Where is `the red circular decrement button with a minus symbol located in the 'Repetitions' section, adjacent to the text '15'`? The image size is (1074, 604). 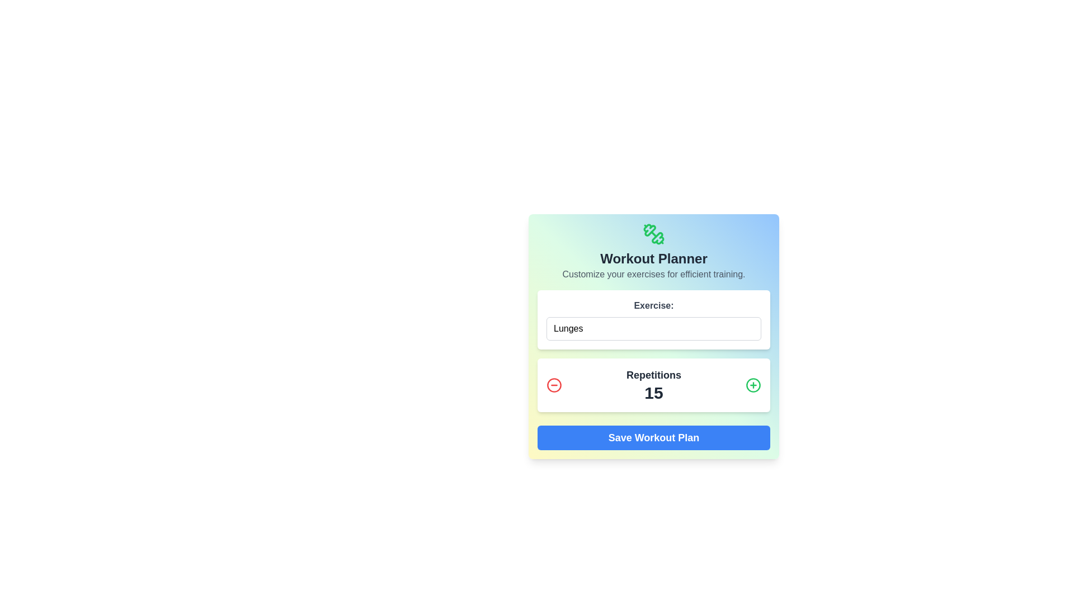 the red circular decrement button with a minus symbol located in the 'Repetitions' section, adjacent to the text '15' is located at coordinates (554, 385).